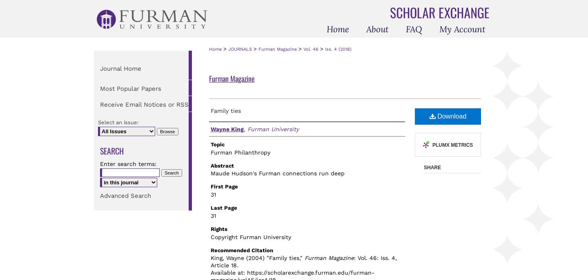 The width and height of the screenshot is (588, 280). I want to click on 'Search', so click(111, 150).